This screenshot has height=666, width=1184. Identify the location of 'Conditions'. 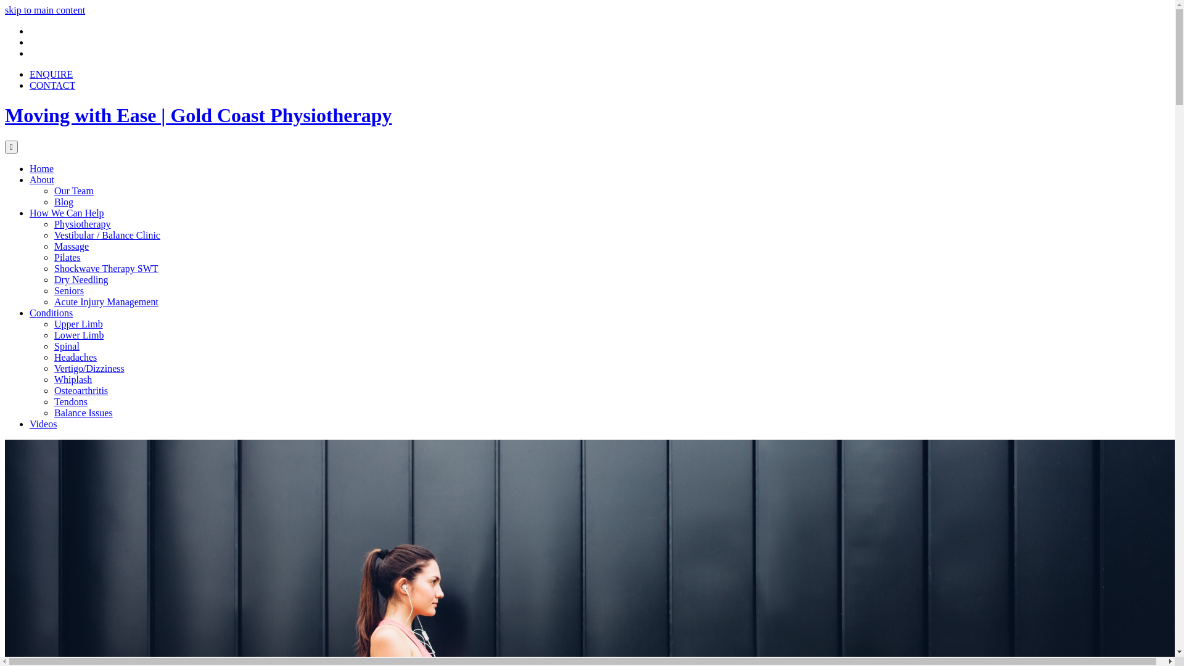
(50, 312).